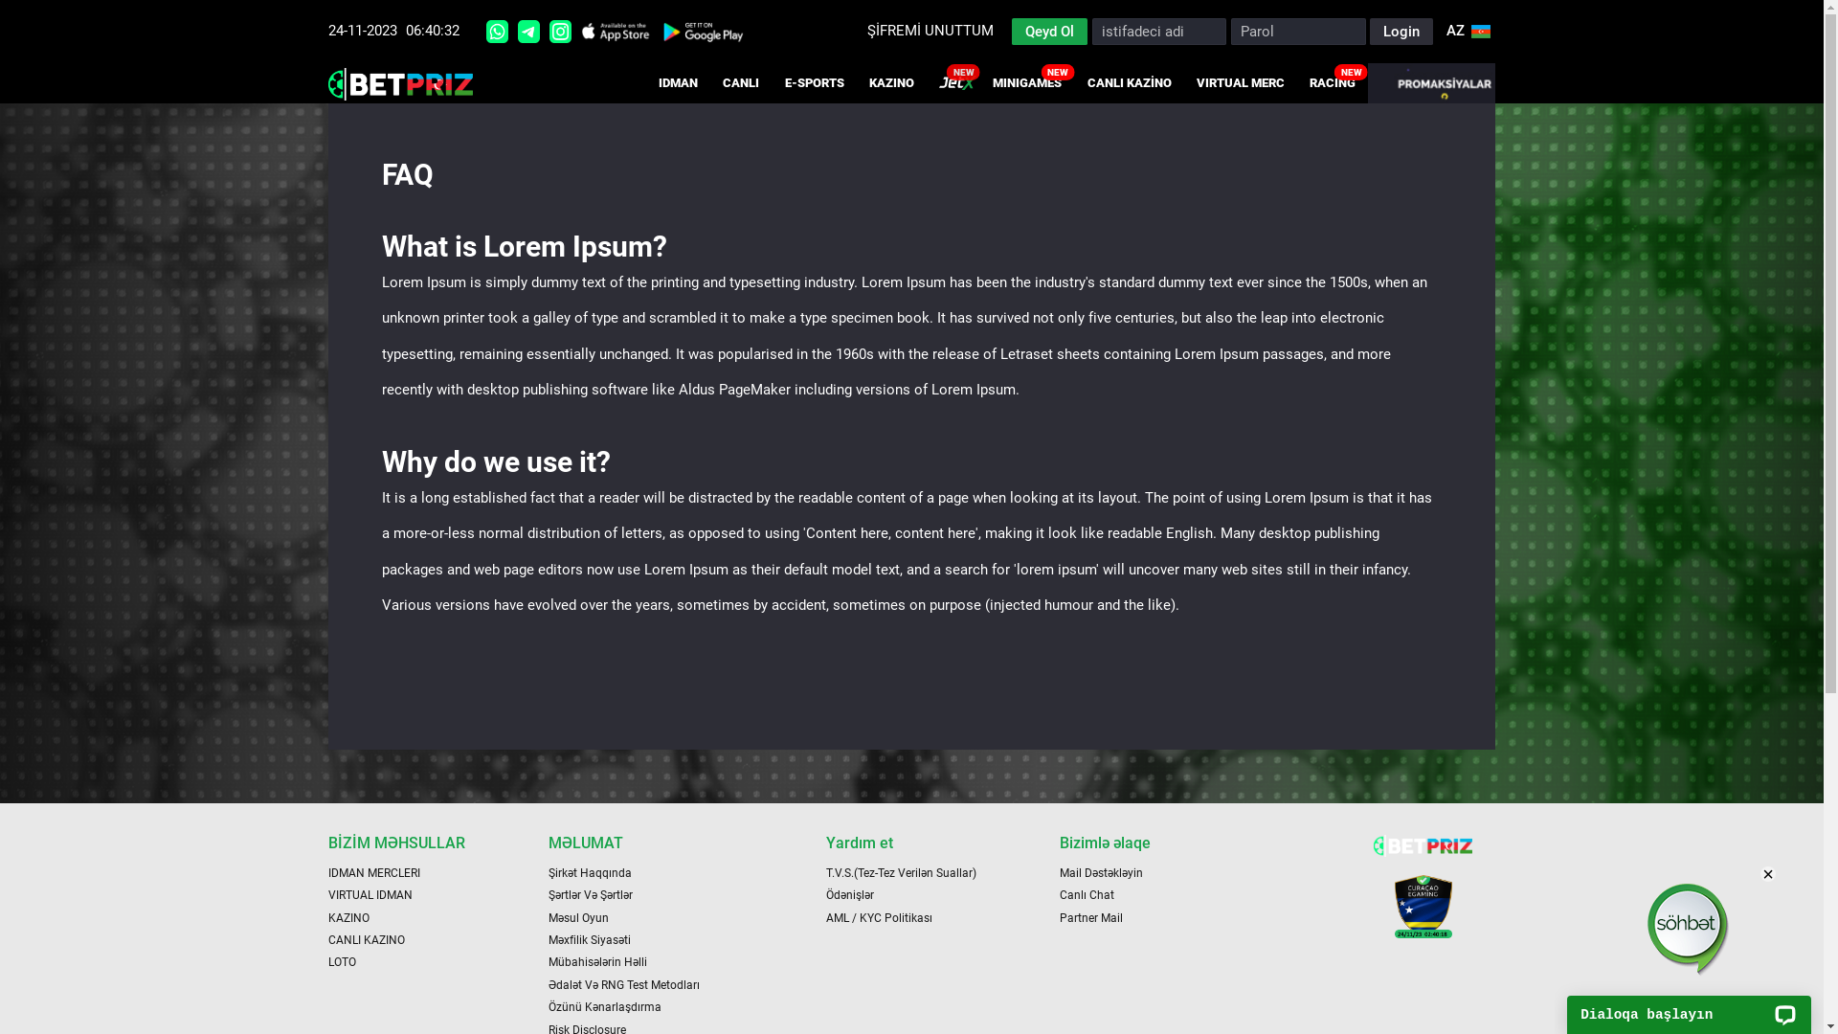 This screenshot has width=1838, height=1034. What do you see at coordinates (1048, 32) in the screenshot?
I see `'Qeyd Ol'` at bounding box center [1048, 32].